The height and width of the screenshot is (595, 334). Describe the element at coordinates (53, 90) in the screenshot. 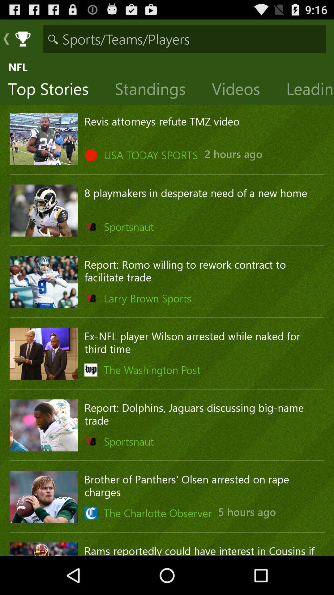

I see `icon next to the standings item` at that location.